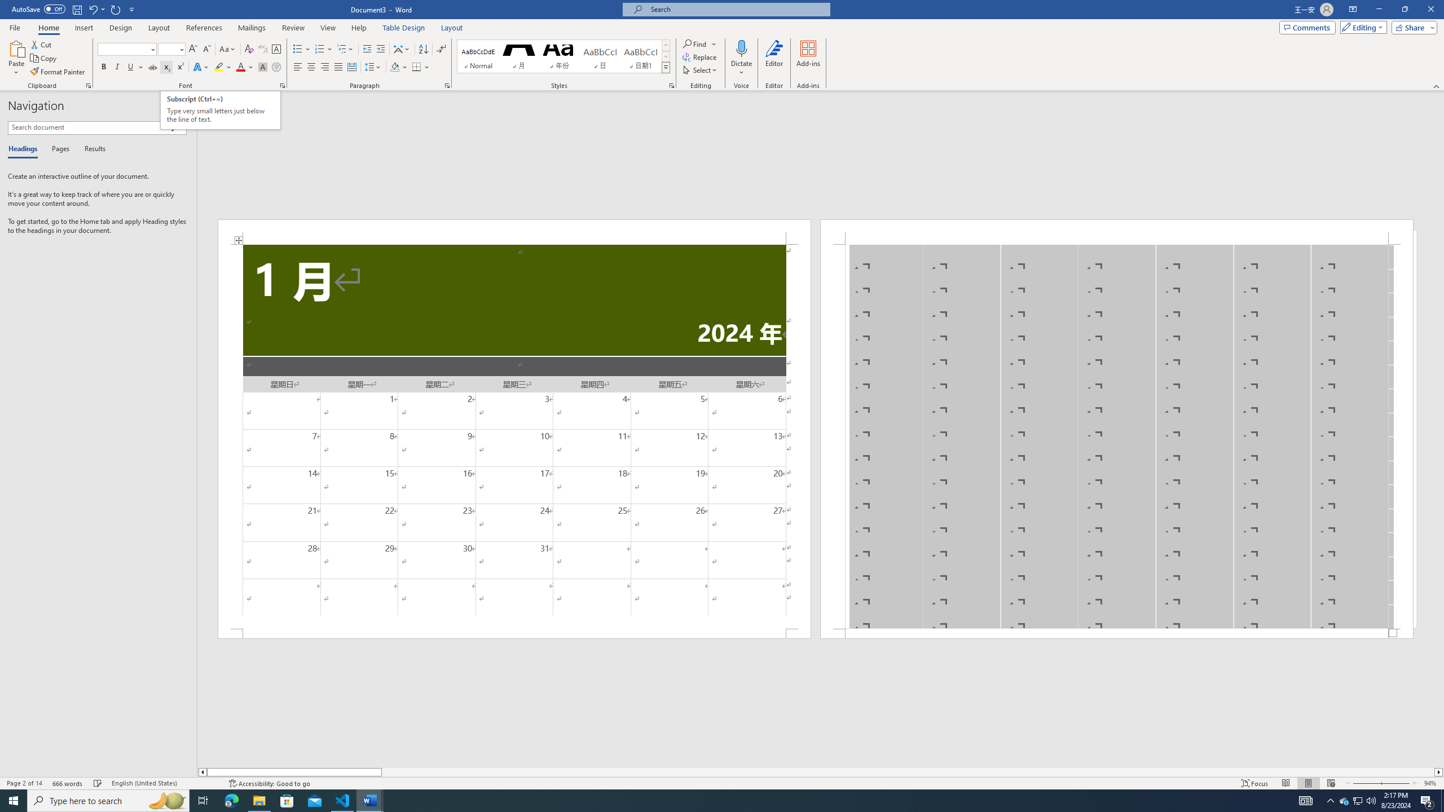 The image size is (1444, 812). What do you see at coordinates (24, 783) in the screenshot?
I see `'Page Number Page 2 of 14'` at bounding box center [24, 783].